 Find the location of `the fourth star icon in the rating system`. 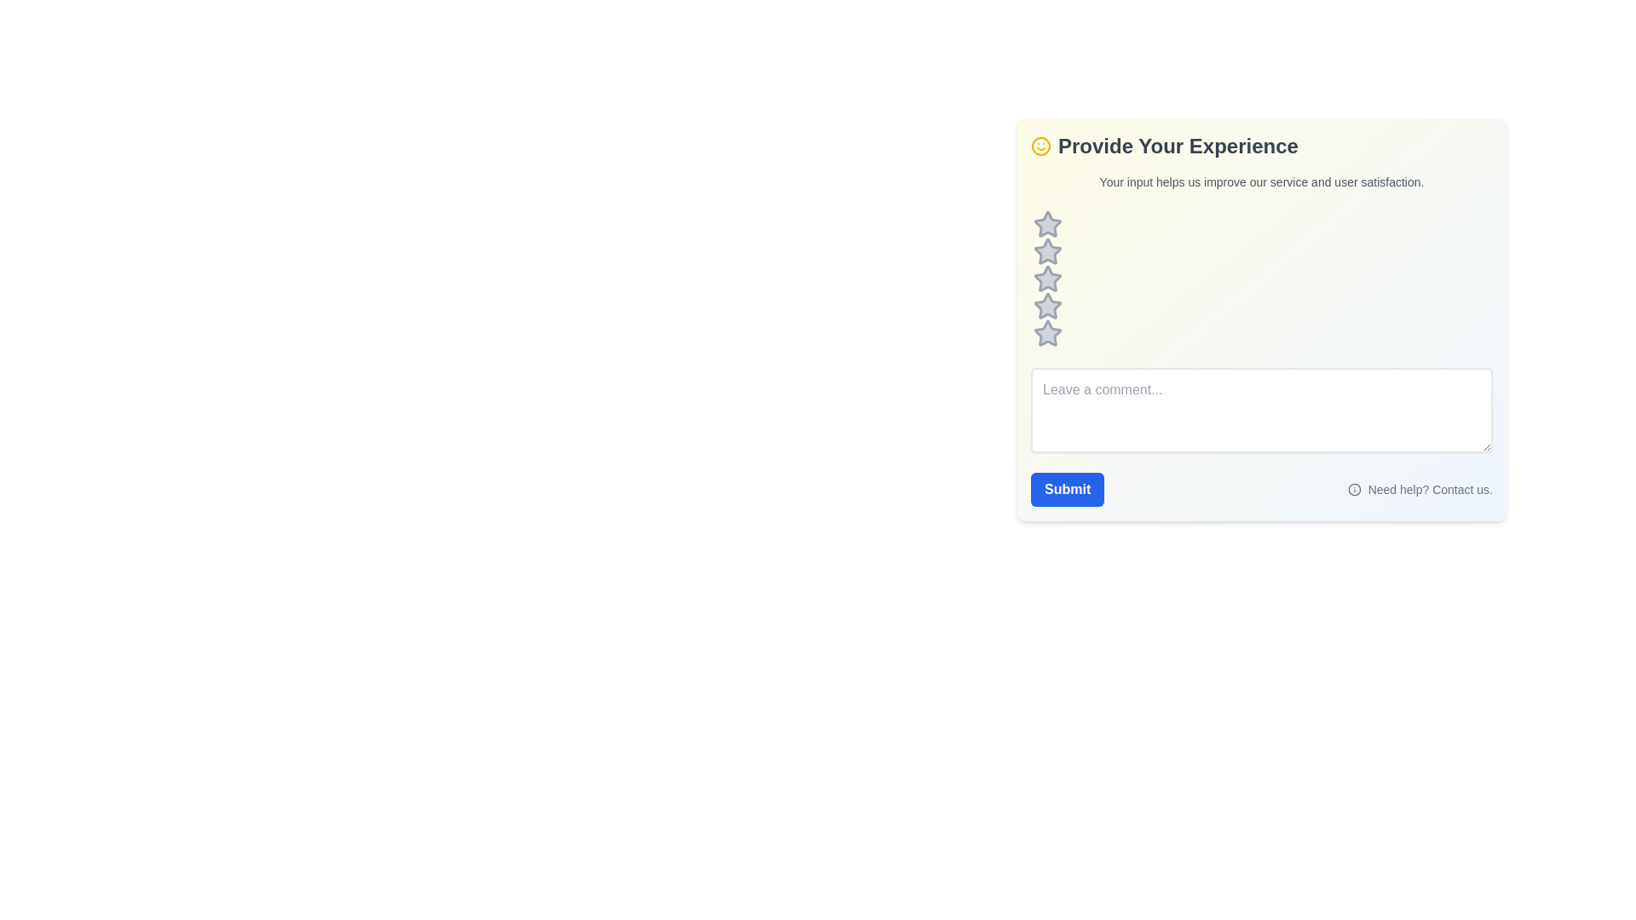

the fourth star icon in the rating system is located at coordinates (1046, 305).